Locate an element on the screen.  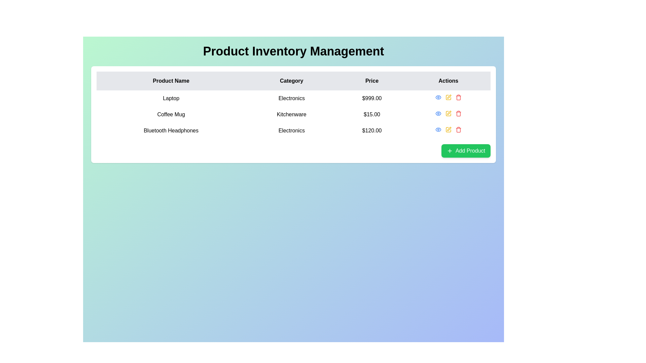
the first interactive icon button in the 'Actions' column of the third row in the table is located at coordinates (438, 129).